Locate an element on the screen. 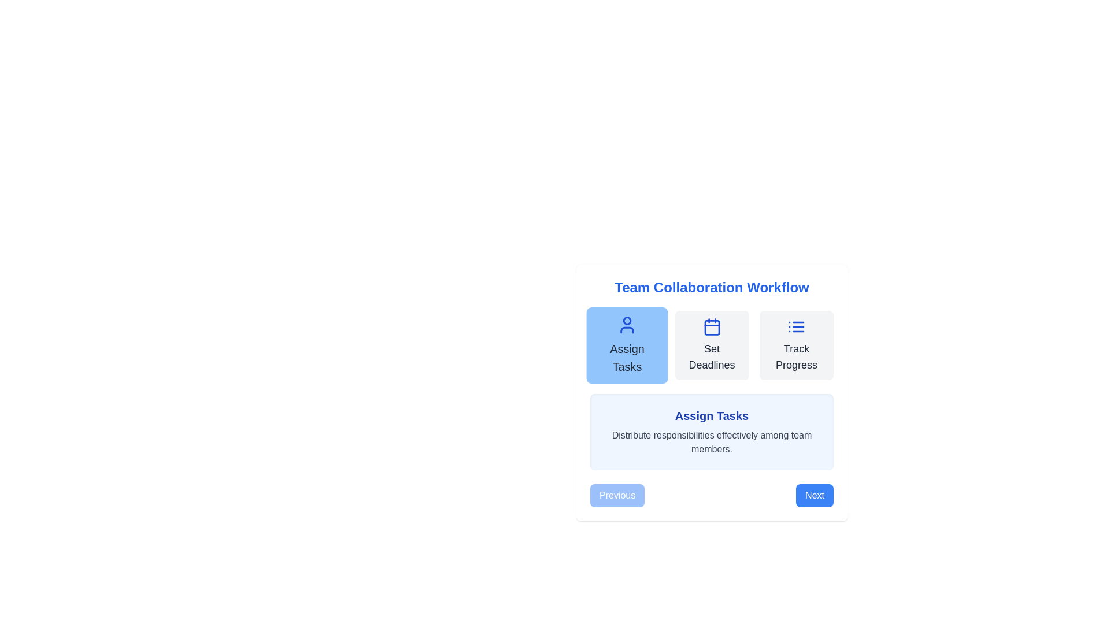 This screenshot has height=624, width=1110. the 'Assign Tasks' button located below the 'Team Collaboration Workflow' heading is located at coordinates (626, 344).